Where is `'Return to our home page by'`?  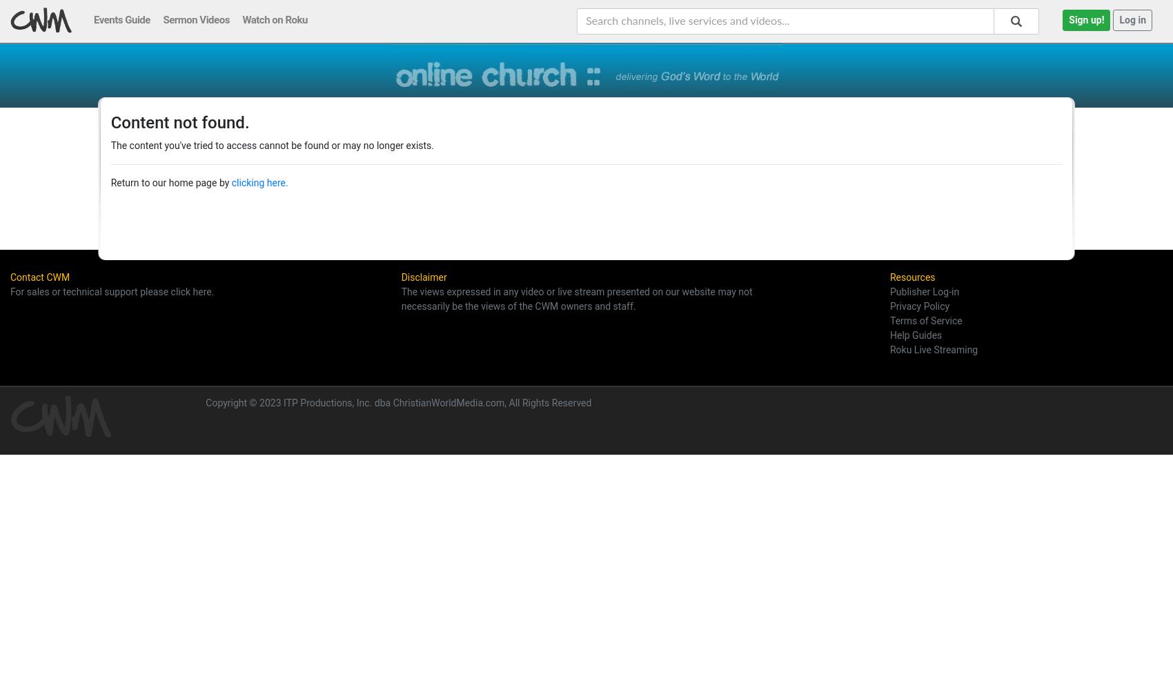 'Return to our home page by' is located at coordinates (170, 182).